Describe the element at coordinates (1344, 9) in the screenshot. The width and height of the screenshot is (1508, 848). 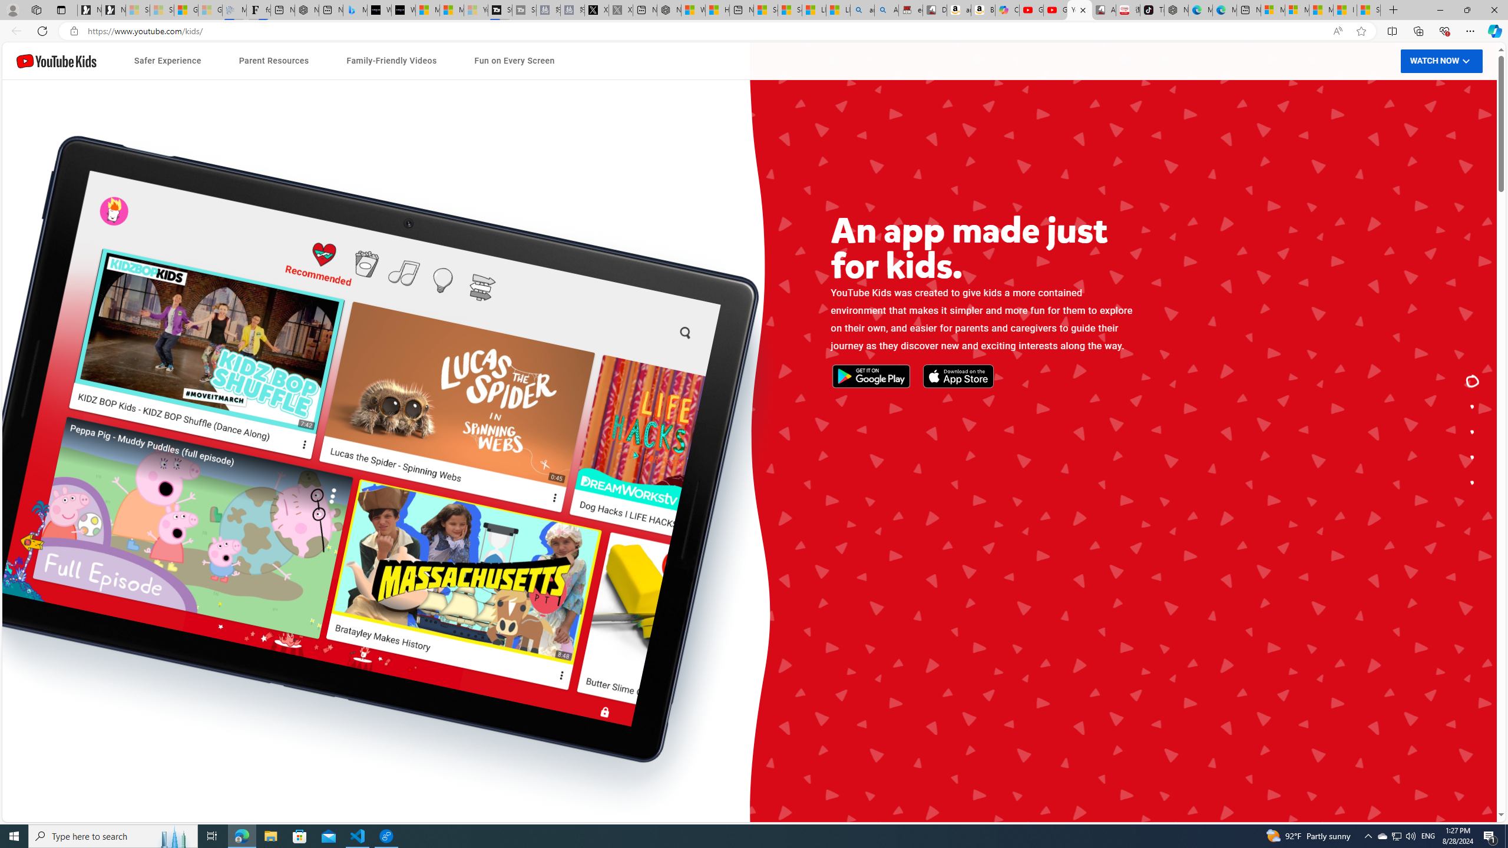
I see `'I Gained 20 Pounds of Muscle in 30 Days! | Watch'` at that location.